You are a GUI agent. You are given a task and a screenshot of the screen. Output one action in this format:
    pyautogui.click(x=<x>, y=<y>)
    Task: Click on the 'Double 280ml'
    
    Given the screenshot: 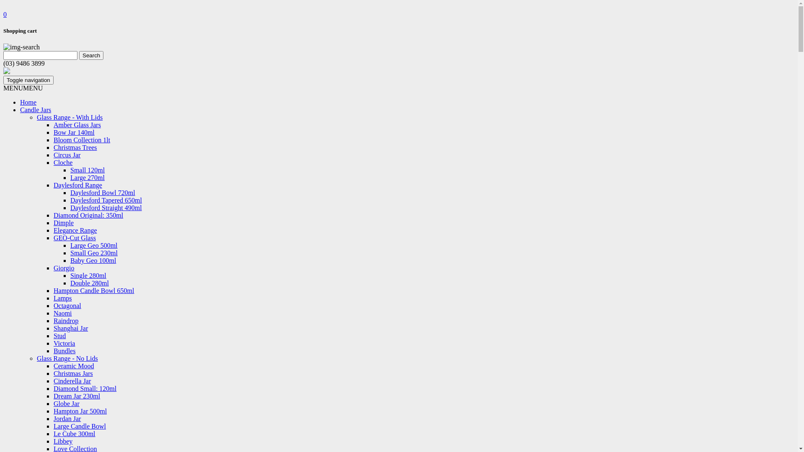 What is the action you would take?
    pyautogui.click(x=70, y=282)
    